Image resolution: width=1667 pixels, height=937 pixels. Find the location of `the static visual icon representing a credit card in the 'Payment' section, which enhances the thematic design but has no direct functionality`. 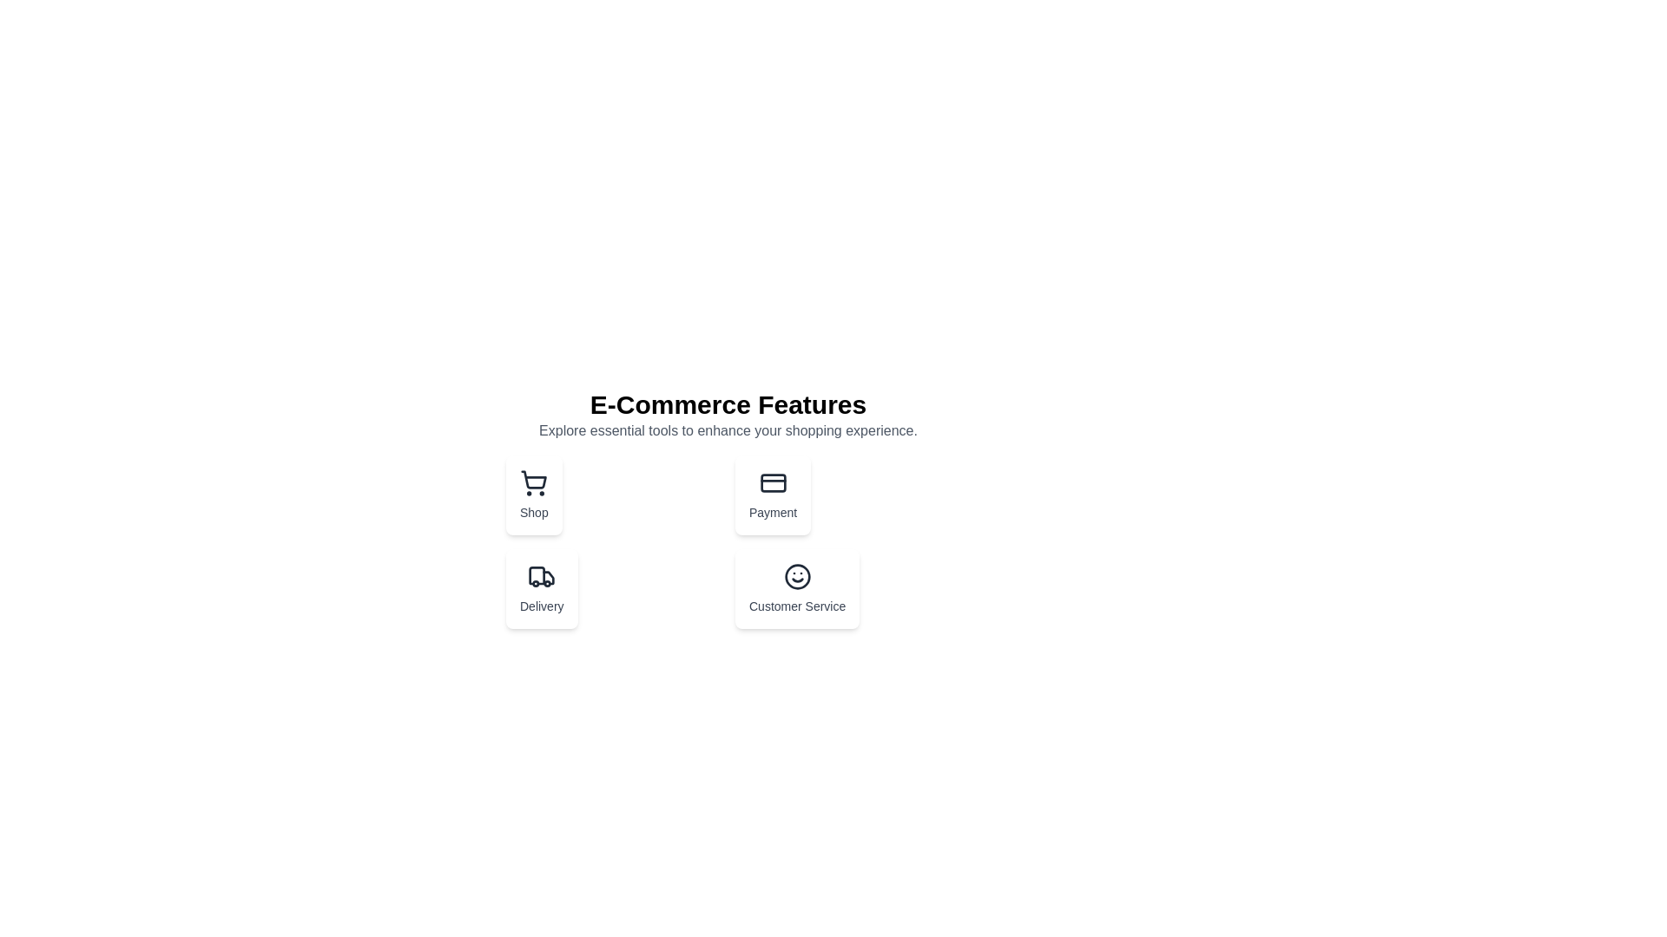

the static visual icon representing a credit card in the 'Payment' section, which enhances the thematic design but has no direct functionality is located at coordinates (772, 482).